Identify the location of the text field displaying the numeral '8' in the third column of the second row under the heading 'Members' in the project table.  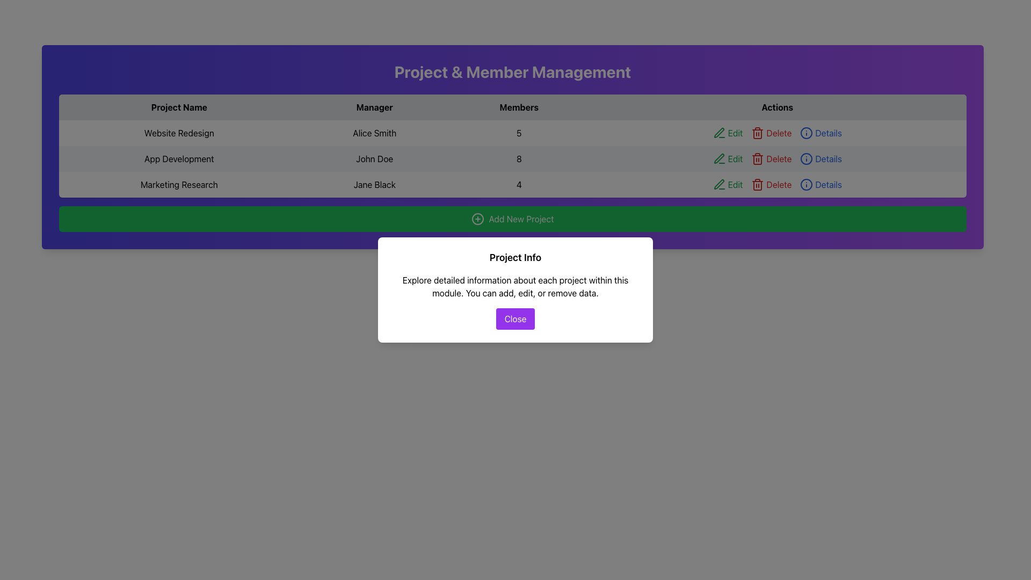
(519, 159).